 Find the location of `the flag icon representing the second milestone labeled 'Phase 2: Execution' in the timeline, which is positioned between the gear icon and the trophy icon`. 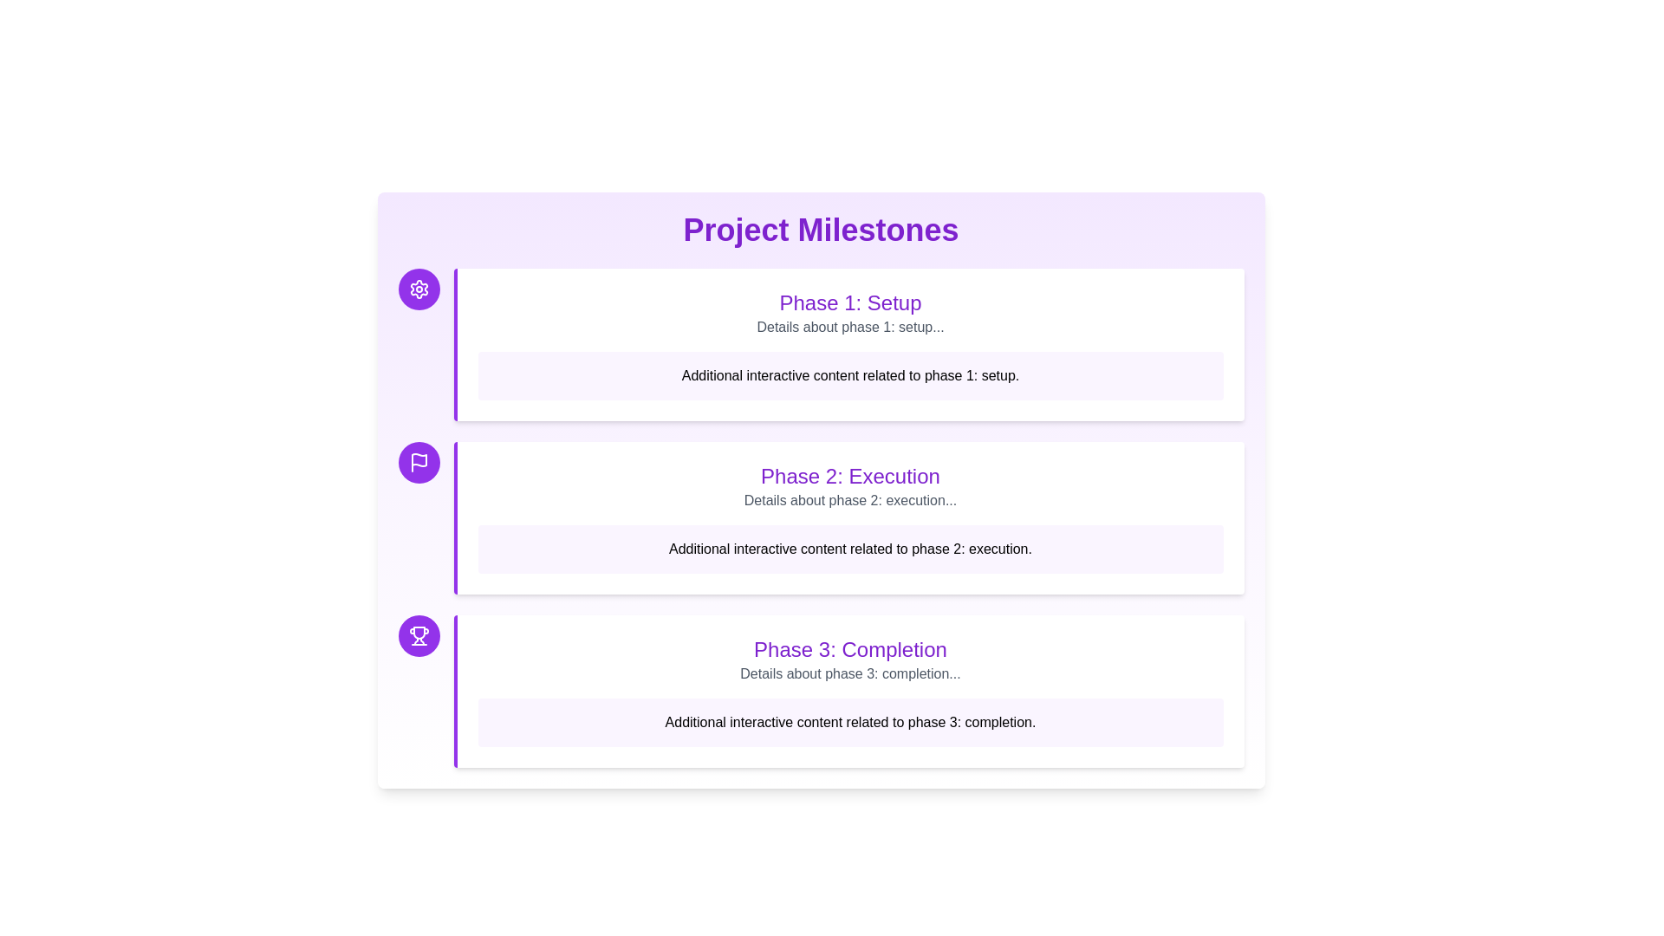

the flag icon representing the second milestone labeled 'Phase 2: Execution' in the timeline, which is positioned between the gear icon and the trophy icon is located at coordinates (419, 459).